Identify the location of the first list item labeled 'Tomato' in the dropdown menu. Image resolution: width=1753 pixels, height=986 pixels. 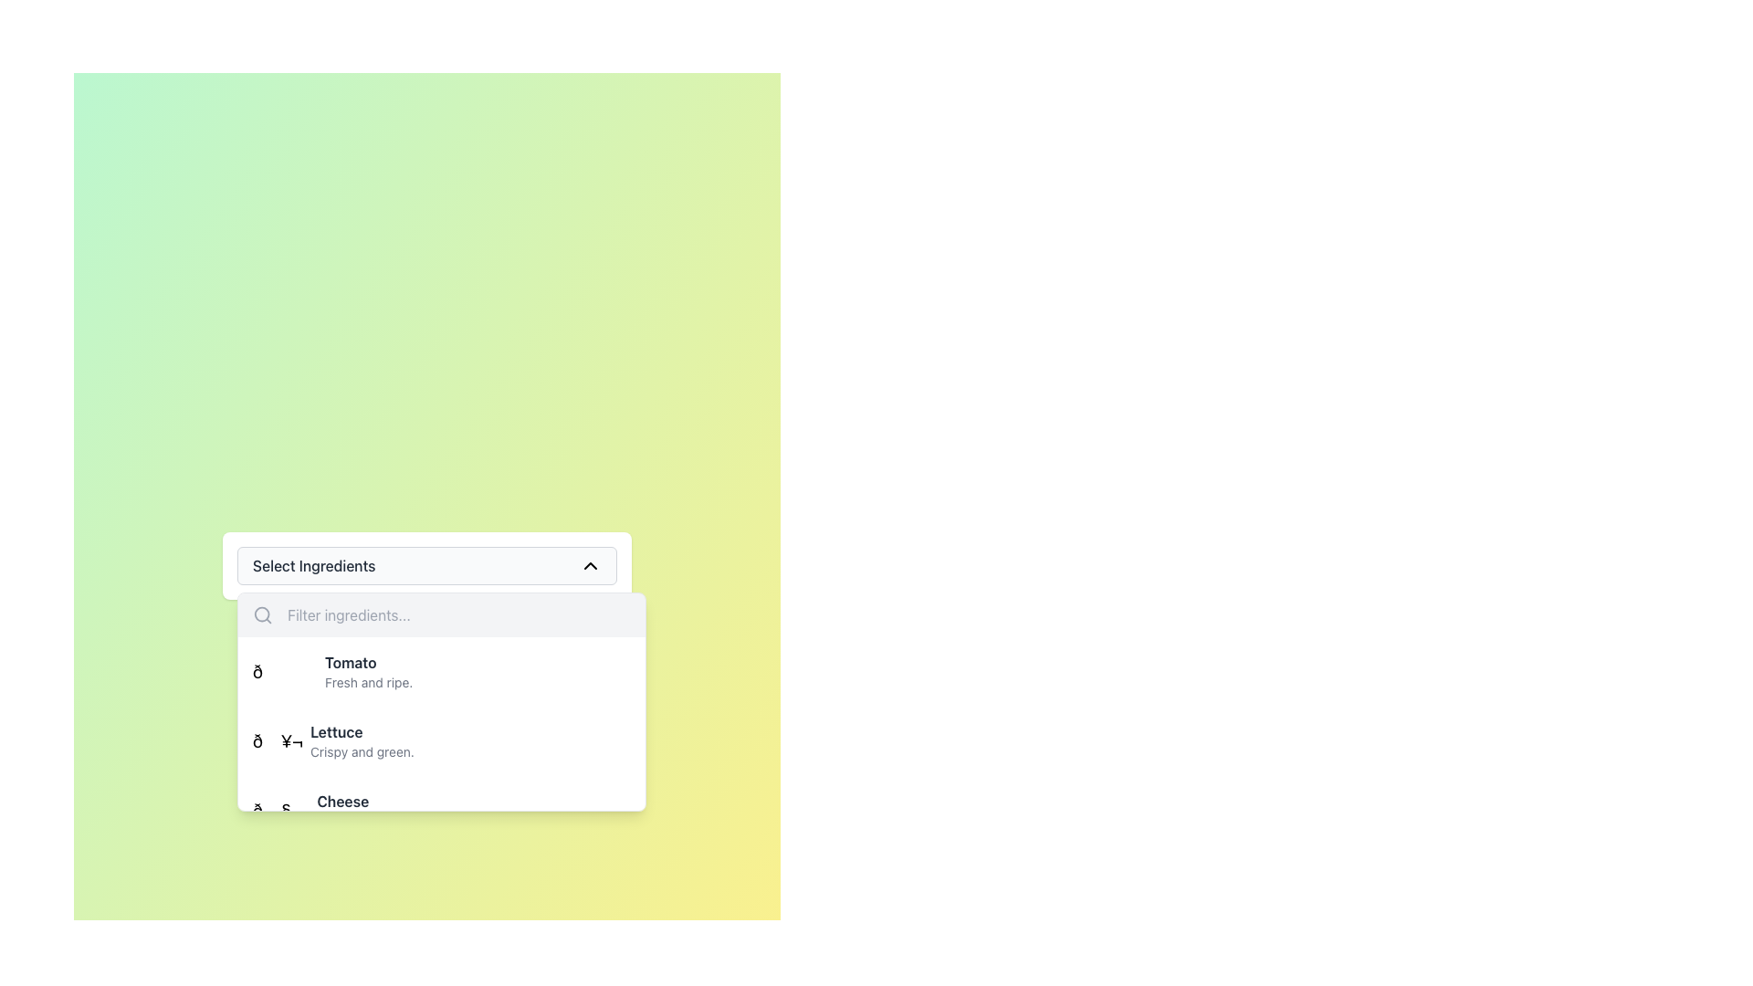
(442, 672).